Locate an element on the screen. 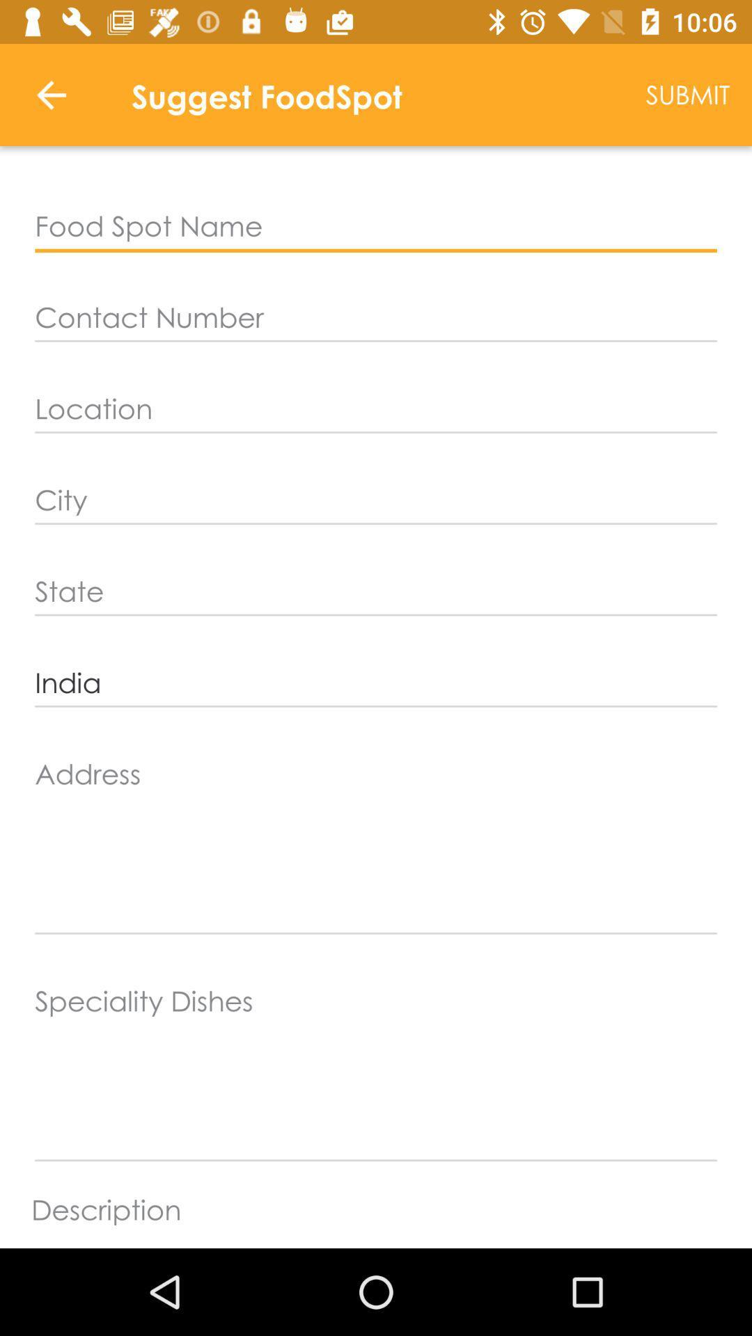 The height and width of the screenshot is (1336, 752). the item below the india item is located at coordinates (376, 841).